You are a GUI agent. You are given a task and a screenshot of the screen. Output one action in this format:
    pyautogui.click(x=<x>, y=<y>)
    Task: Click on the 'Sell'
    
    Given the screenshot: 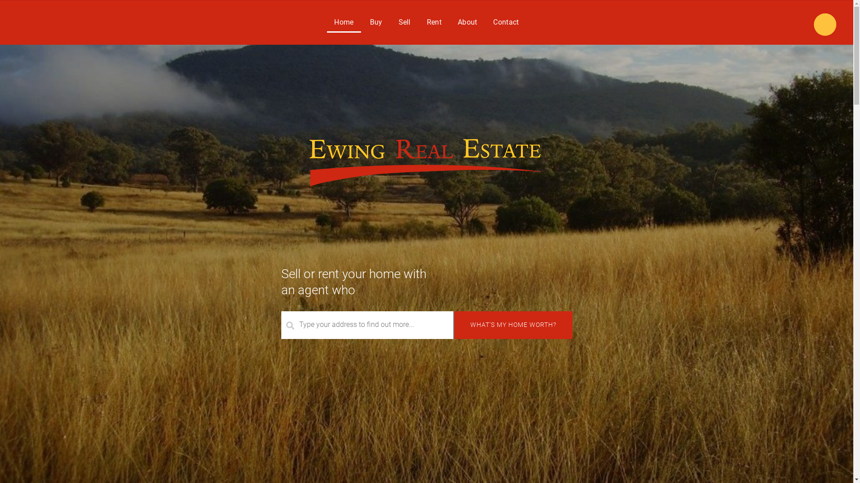 What is the action you would take?
    pyautogui.click(x=404, y=22)
    